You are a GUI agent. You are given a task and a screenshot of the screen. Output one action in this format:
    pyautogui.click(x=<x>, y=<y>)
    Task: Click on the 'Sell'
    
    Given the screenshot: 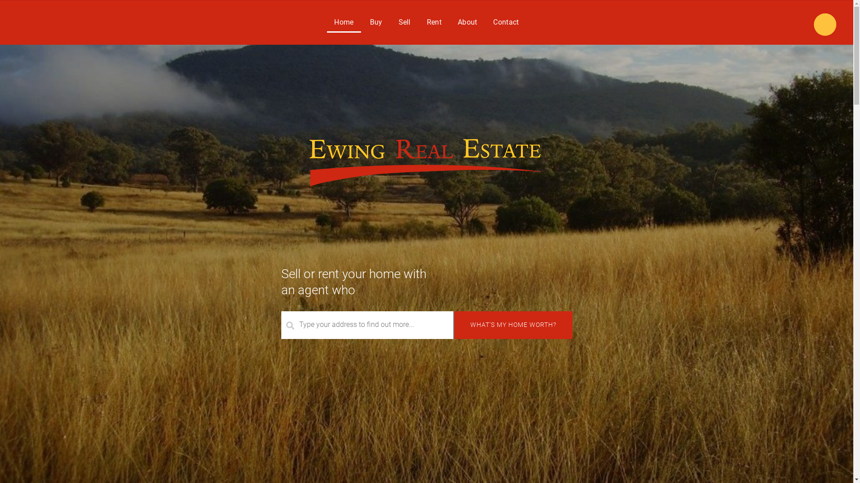 What is the action you would take?
    pyautogui.click(x=404, y=22)
    